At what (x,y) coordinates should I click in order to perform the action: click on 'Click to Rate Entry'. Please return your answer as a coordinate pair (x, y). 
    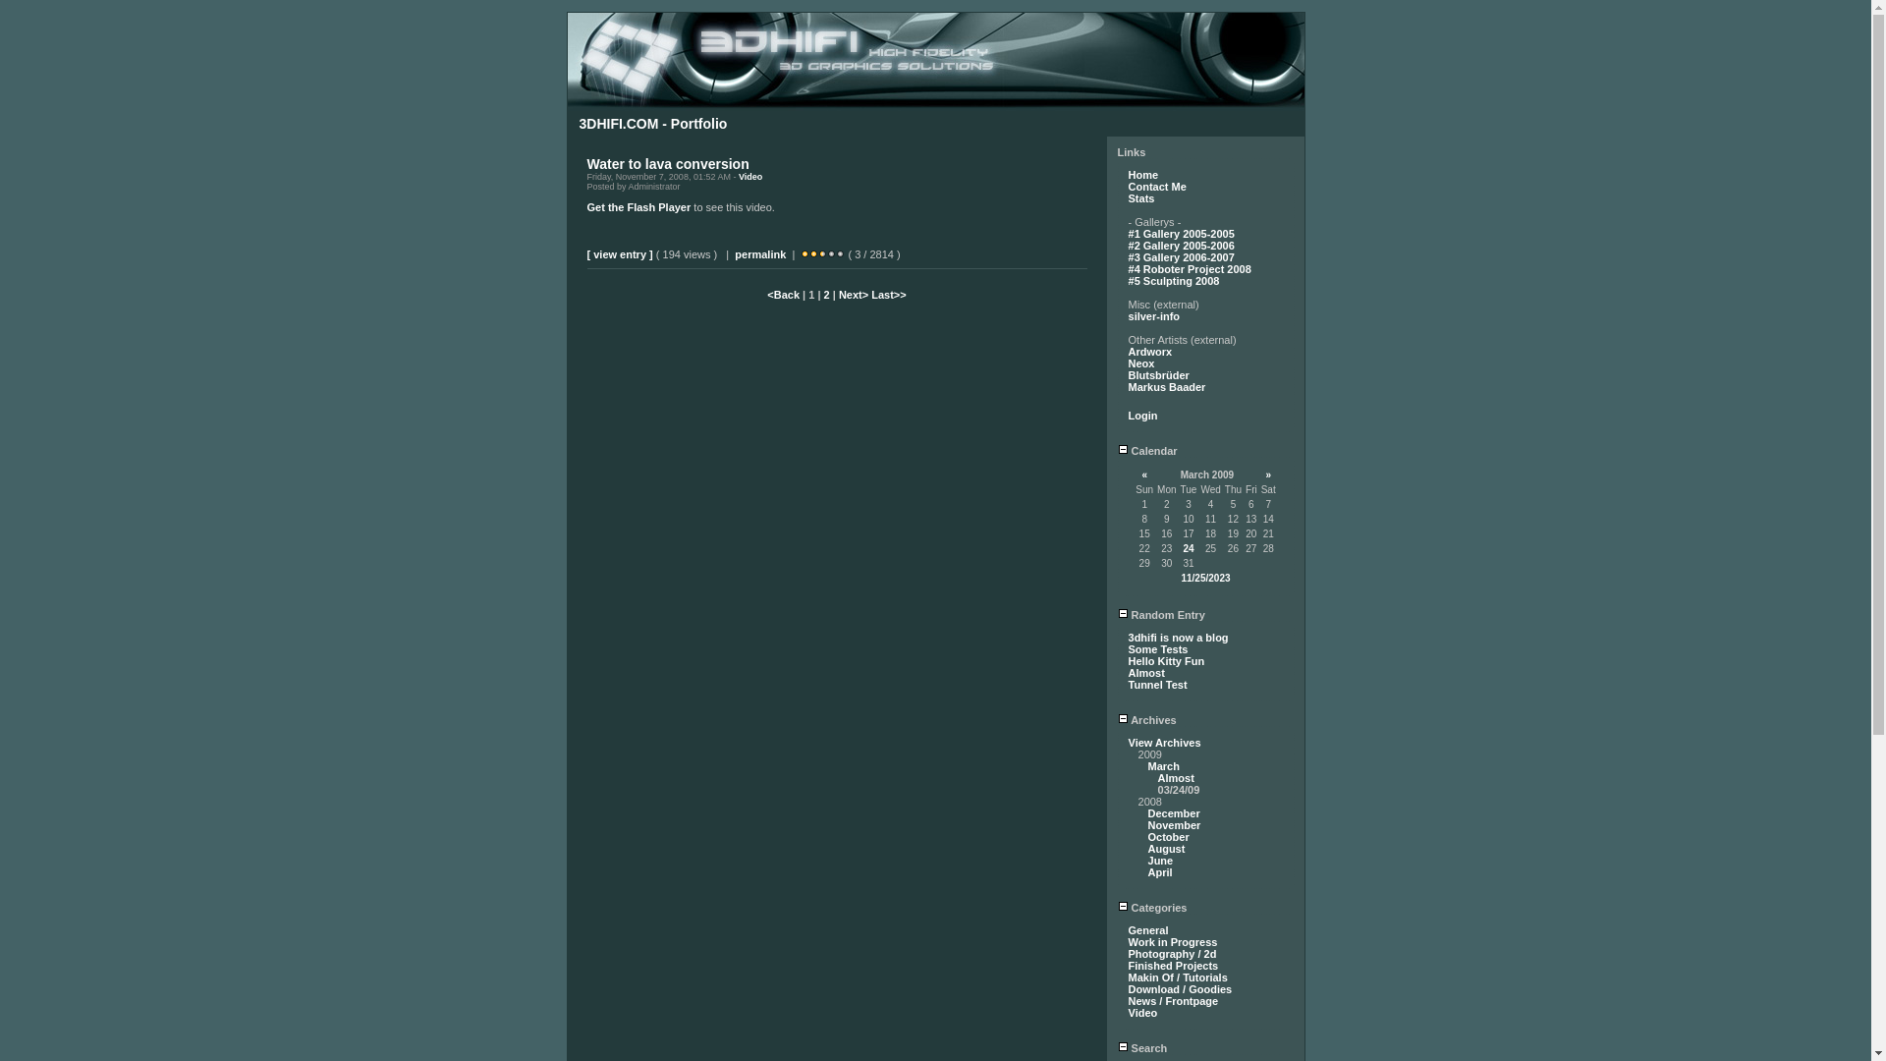
    Looking at the image, I should click on (801, 252).